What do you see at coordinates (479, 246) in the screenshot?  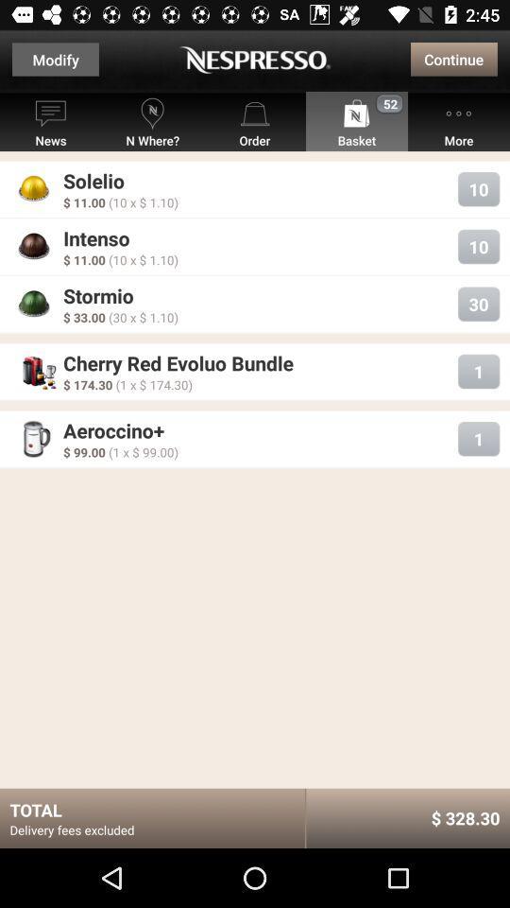 I see `10 which is next to intenso` at bounding box center [479, 246].